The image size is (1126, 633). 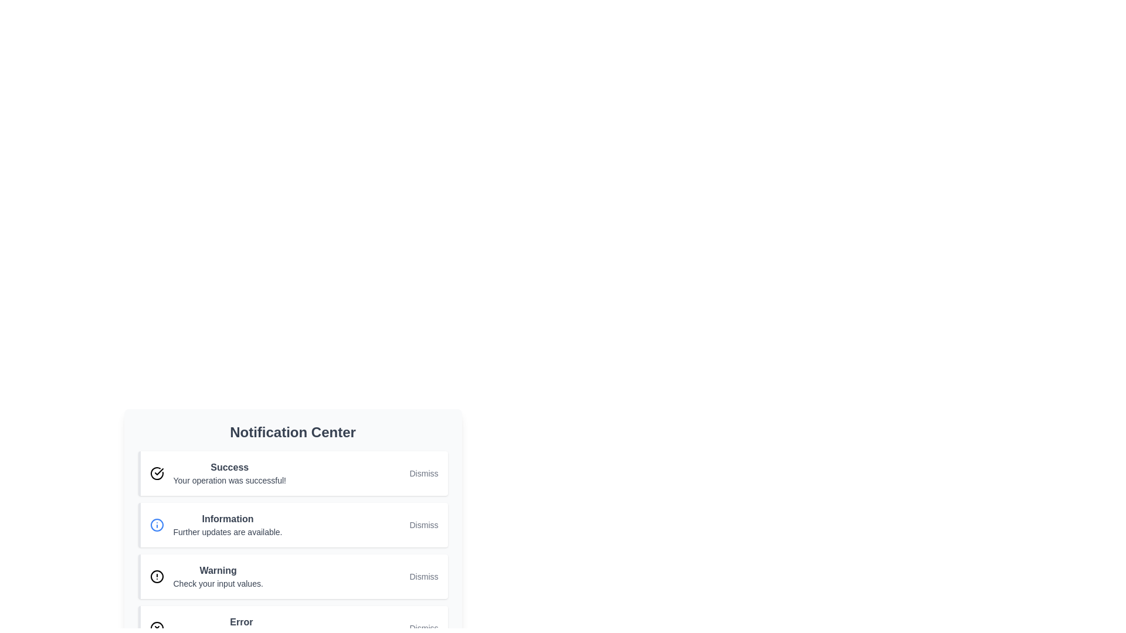 I want to click on the 'Notification Center' header text label, which is a large, bold, gray-colored text element centrally aligned at the top of the notifications section, so click(x=293, y=432).